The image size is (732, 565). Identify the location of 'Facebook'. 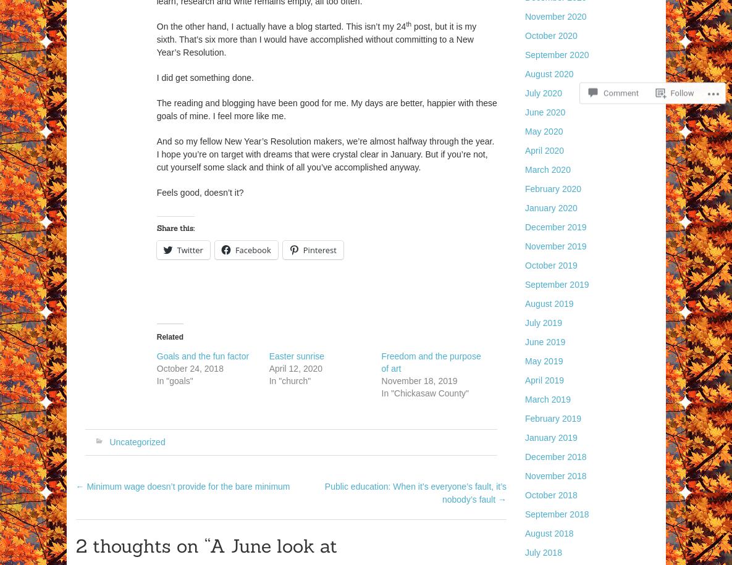
(251, 248).